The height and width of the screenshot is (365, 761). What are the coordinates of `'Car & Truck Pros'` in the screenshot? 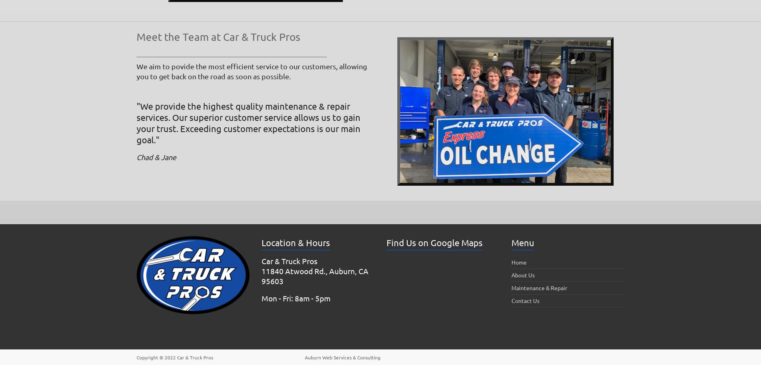 It's located at (262, 260).